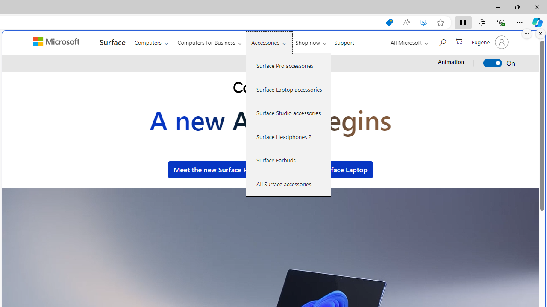 This screenshot has width=547, height=307. Describe the element at coordinates (344, 41) in the screenshot. I see `'Support'` at that location.